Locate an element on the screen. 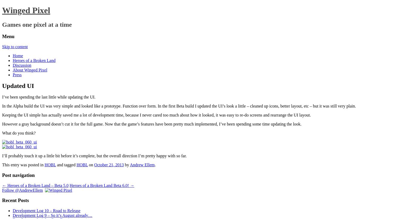 The image size is (397, 219). 'Home' is located at coordinates (17, 55).